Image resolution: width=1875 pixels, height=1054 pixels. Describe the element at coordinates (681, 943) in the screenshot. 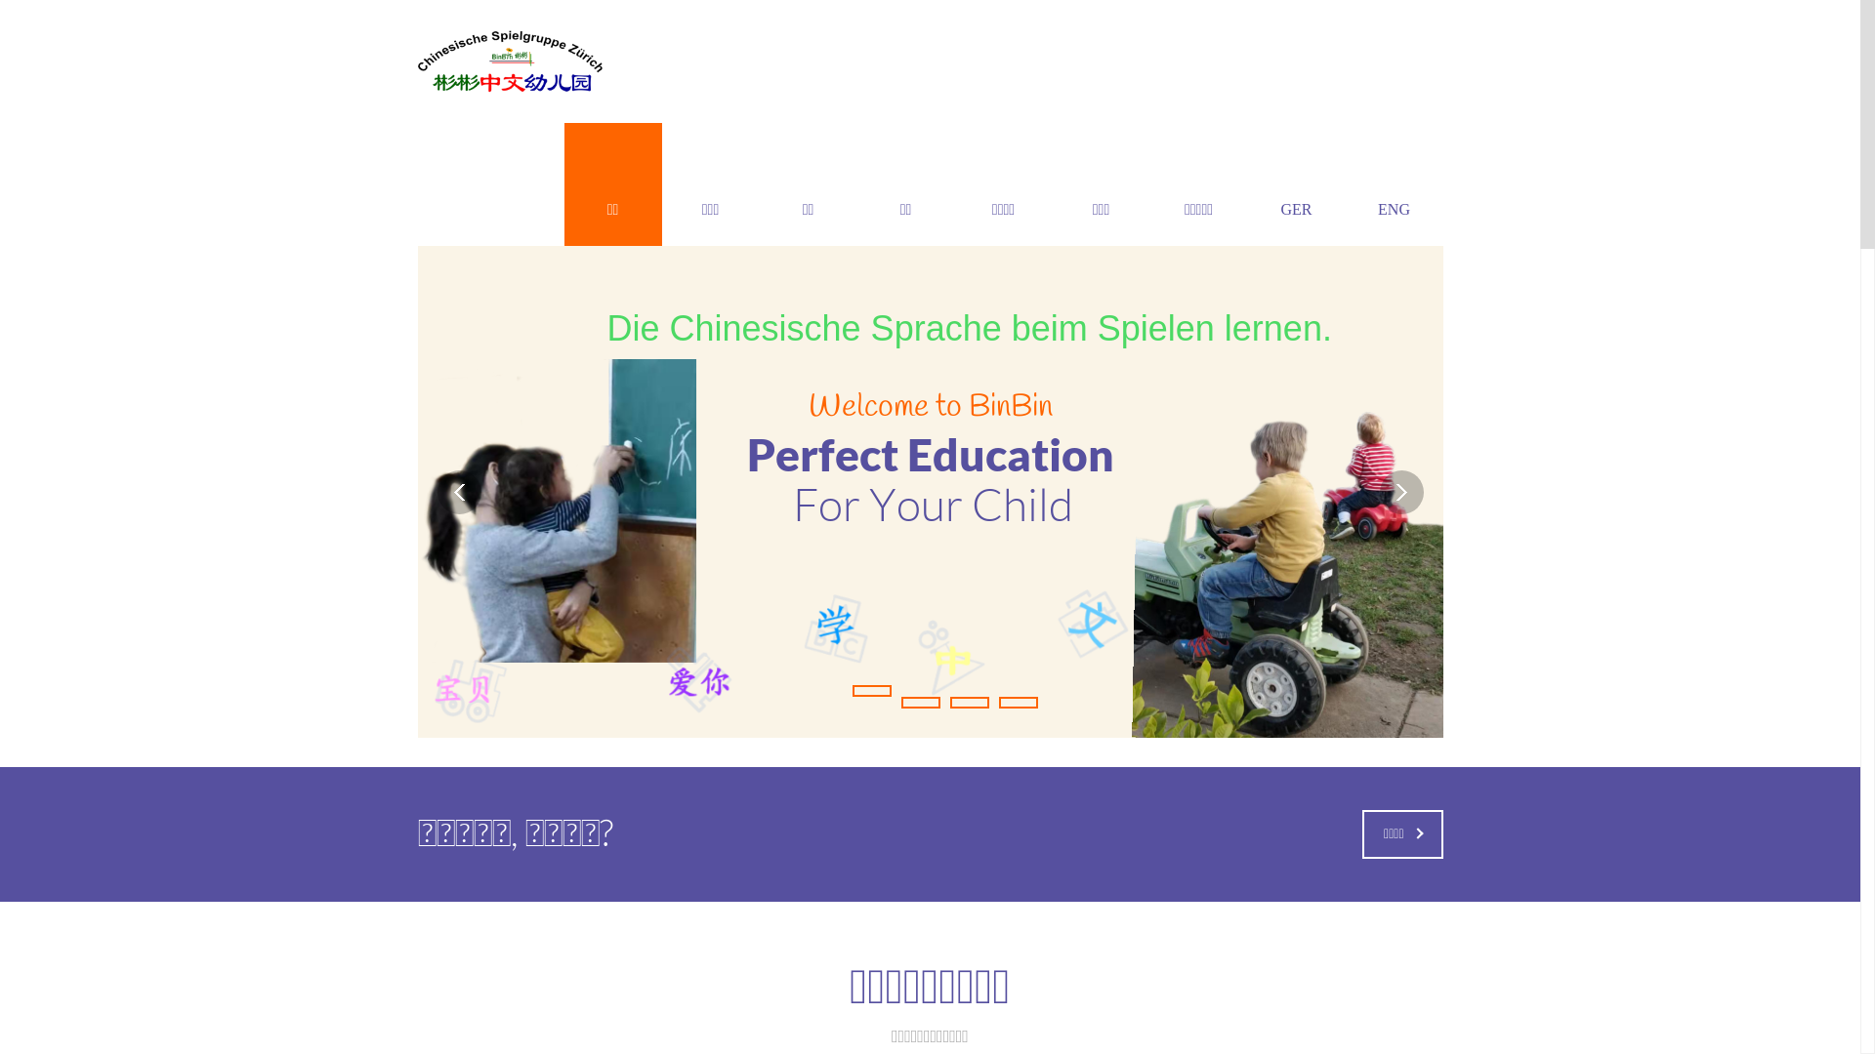

I see `'Impressum'` at that location.